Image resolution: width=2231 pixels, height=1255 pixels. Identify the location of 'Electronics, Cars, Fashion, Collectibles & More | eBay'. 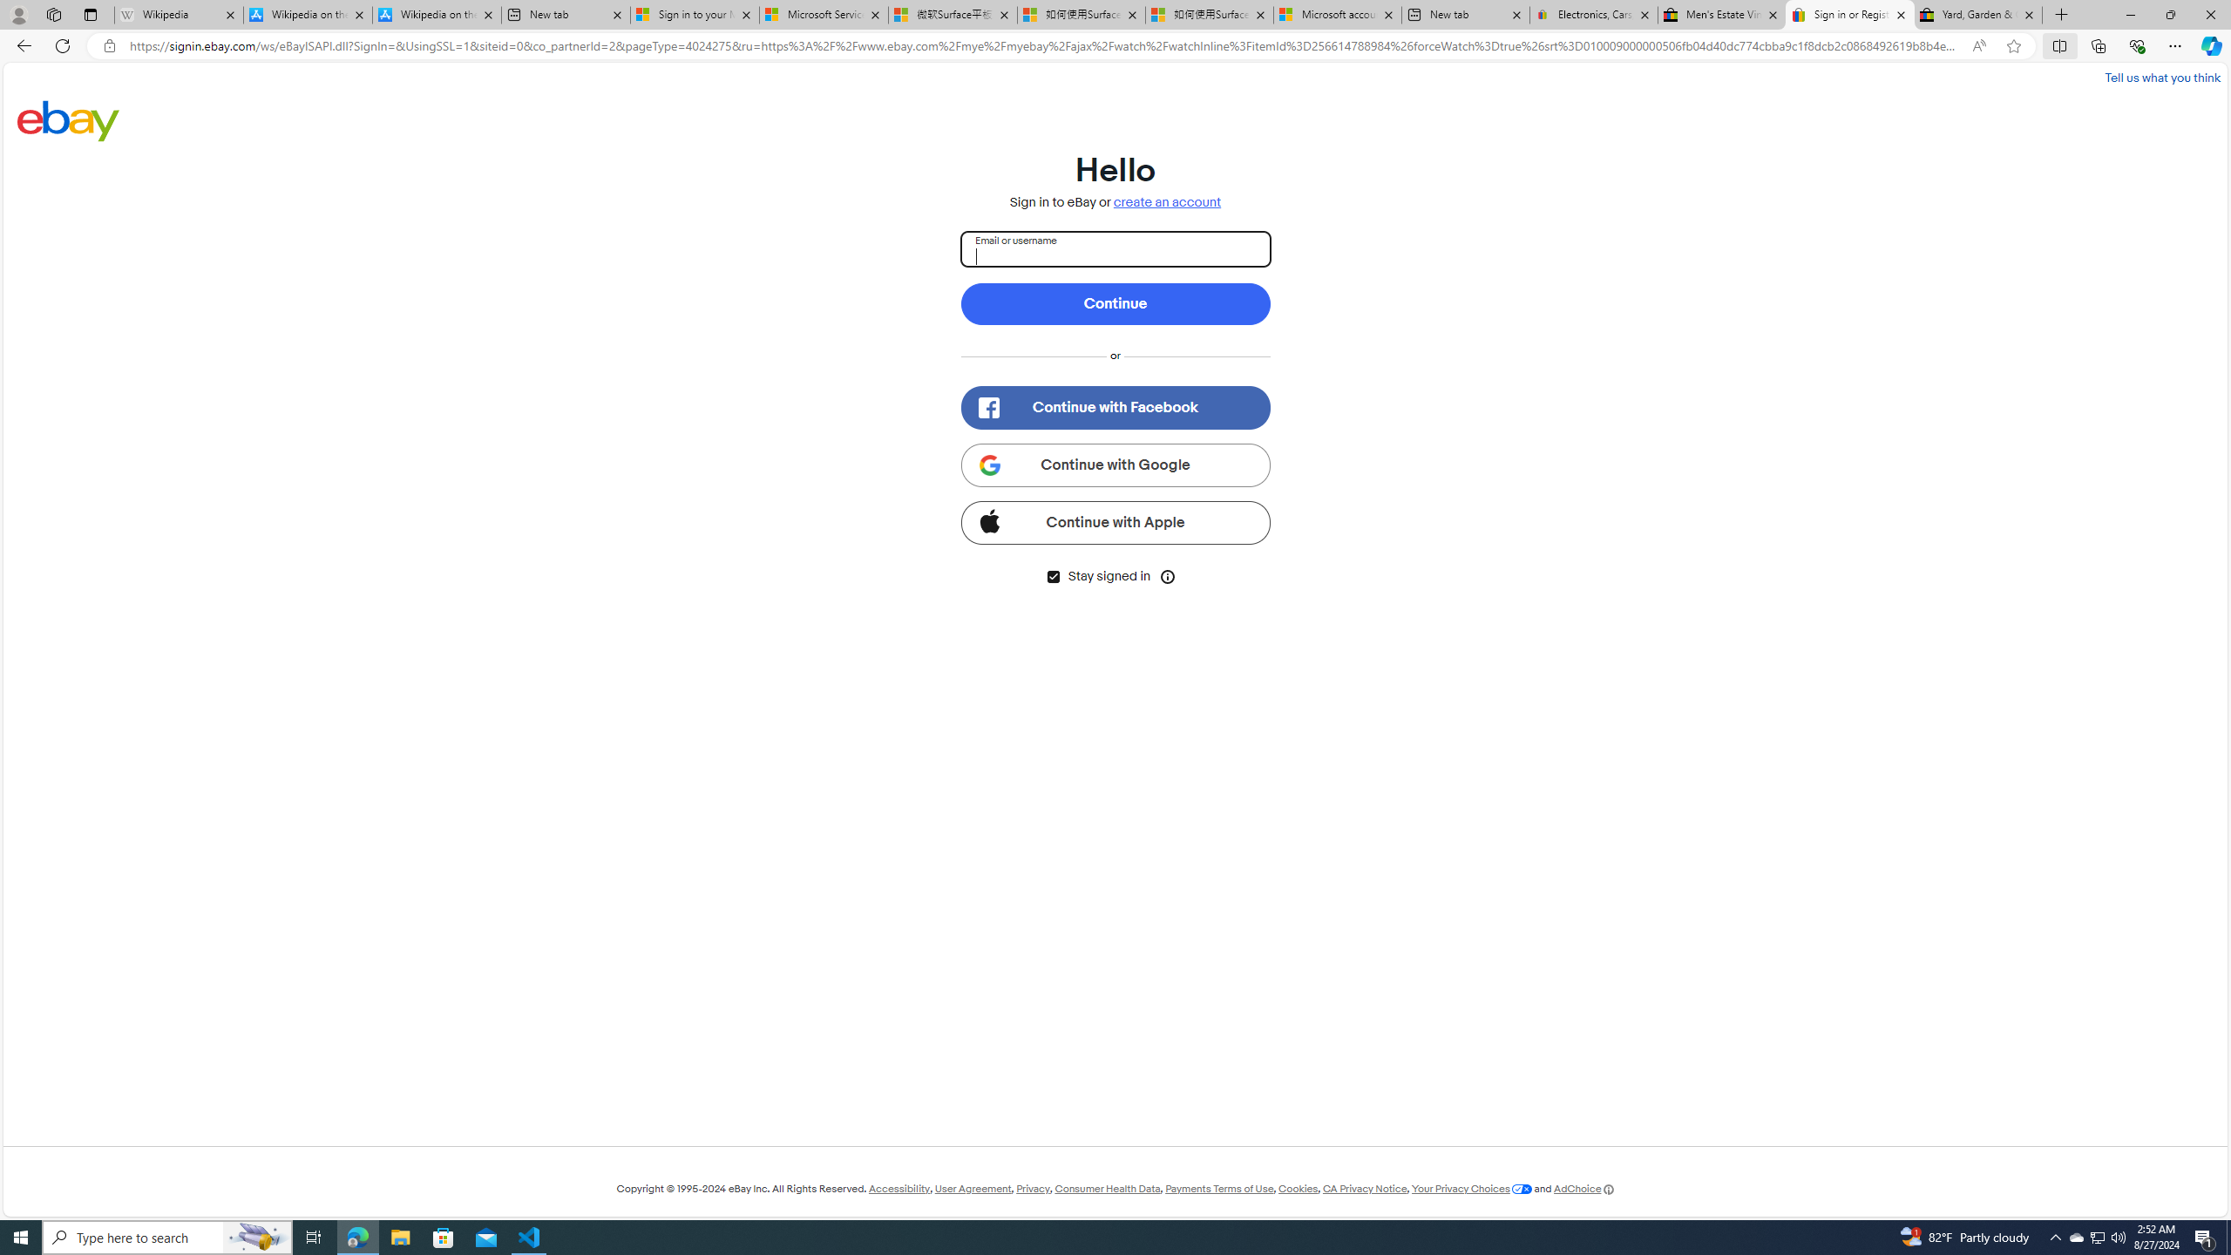
(1591, 14).